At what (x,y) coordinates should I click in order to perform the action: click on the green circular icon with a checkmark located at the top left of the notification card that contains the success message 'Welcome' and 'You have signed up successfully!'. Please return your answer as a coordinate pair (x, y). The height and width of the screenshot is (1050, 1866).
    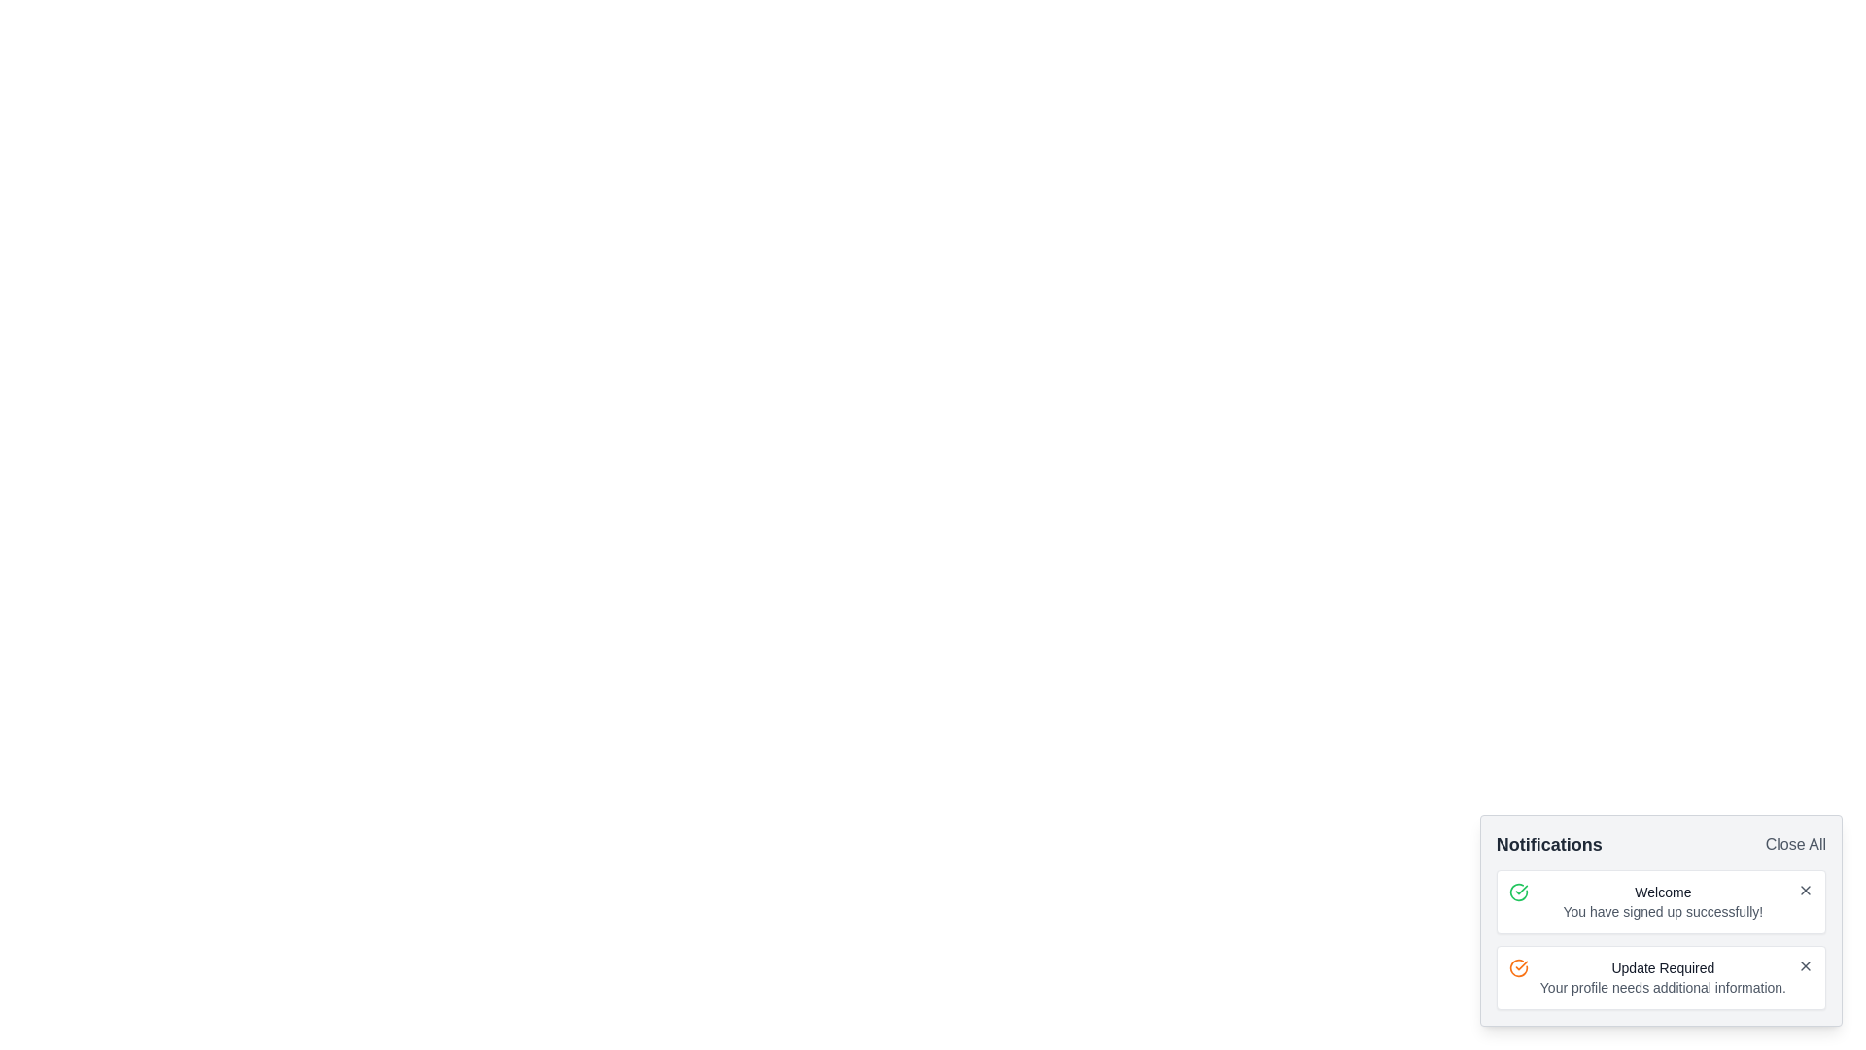
    Looking at the image, I should click on (1517, 892).